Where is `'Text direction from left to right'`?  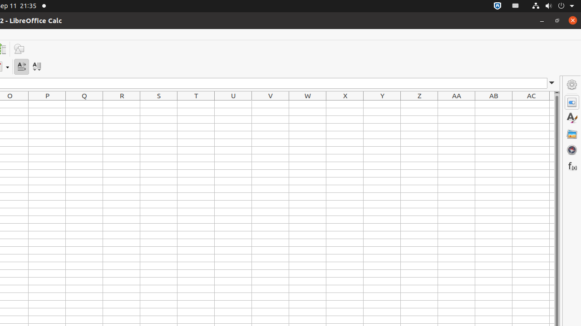
'Text direction from left to right' is located at coordinates (21, 66).